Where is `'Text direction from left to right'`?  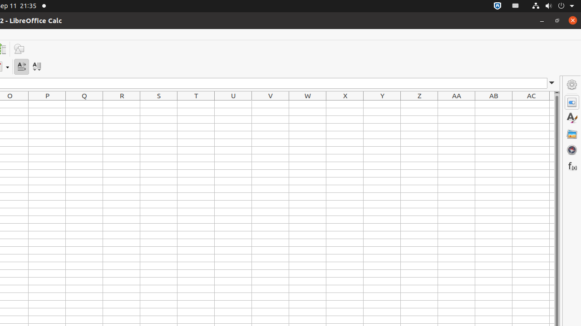
'Text direction from left to right' is located at coordinates (21, 66).